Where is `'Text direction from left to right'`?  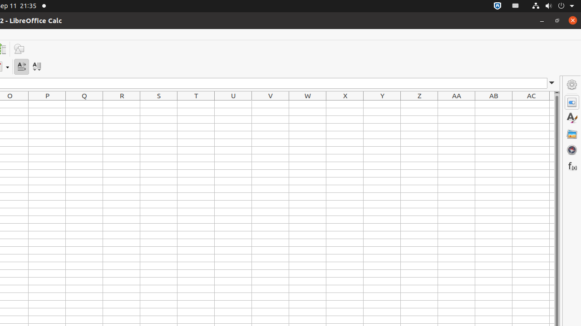
'Text direction from left to right' is located at coordinates (21, 66).